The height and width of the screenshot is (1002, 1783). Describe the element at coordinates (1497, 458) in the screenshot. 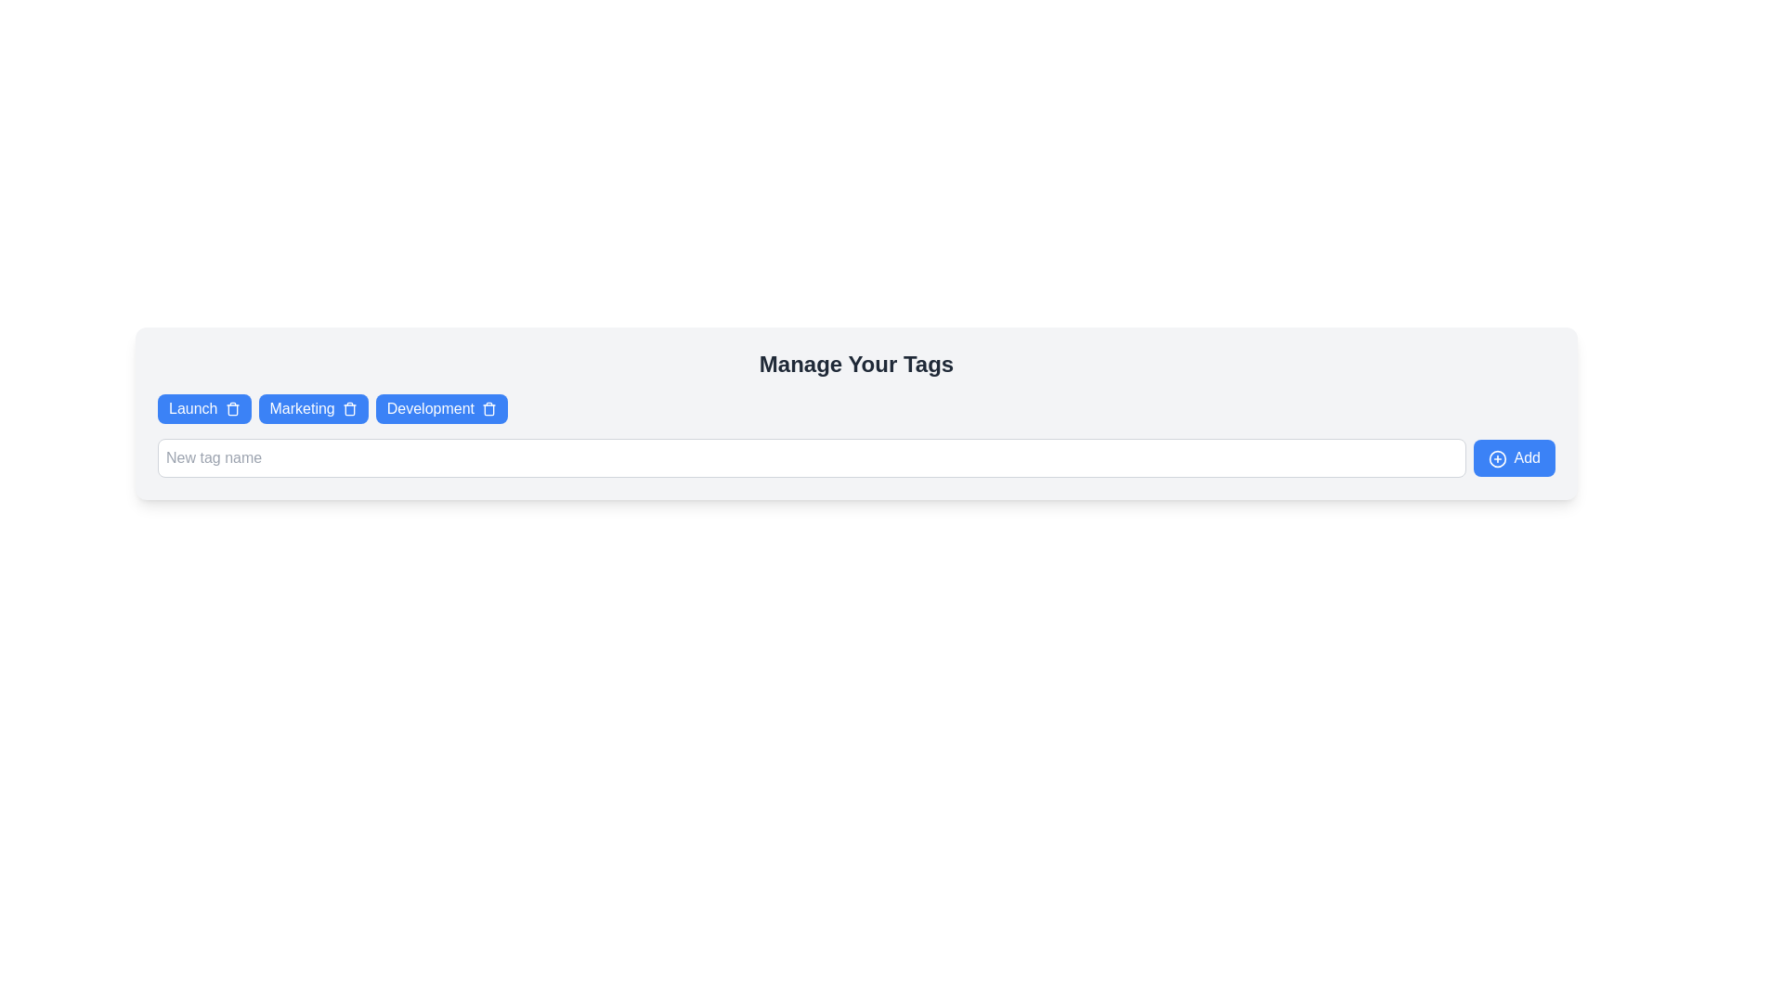

I see `the plus 'Add' icon located at the center of the circular graphic just left of the 'Add' label` at that location.